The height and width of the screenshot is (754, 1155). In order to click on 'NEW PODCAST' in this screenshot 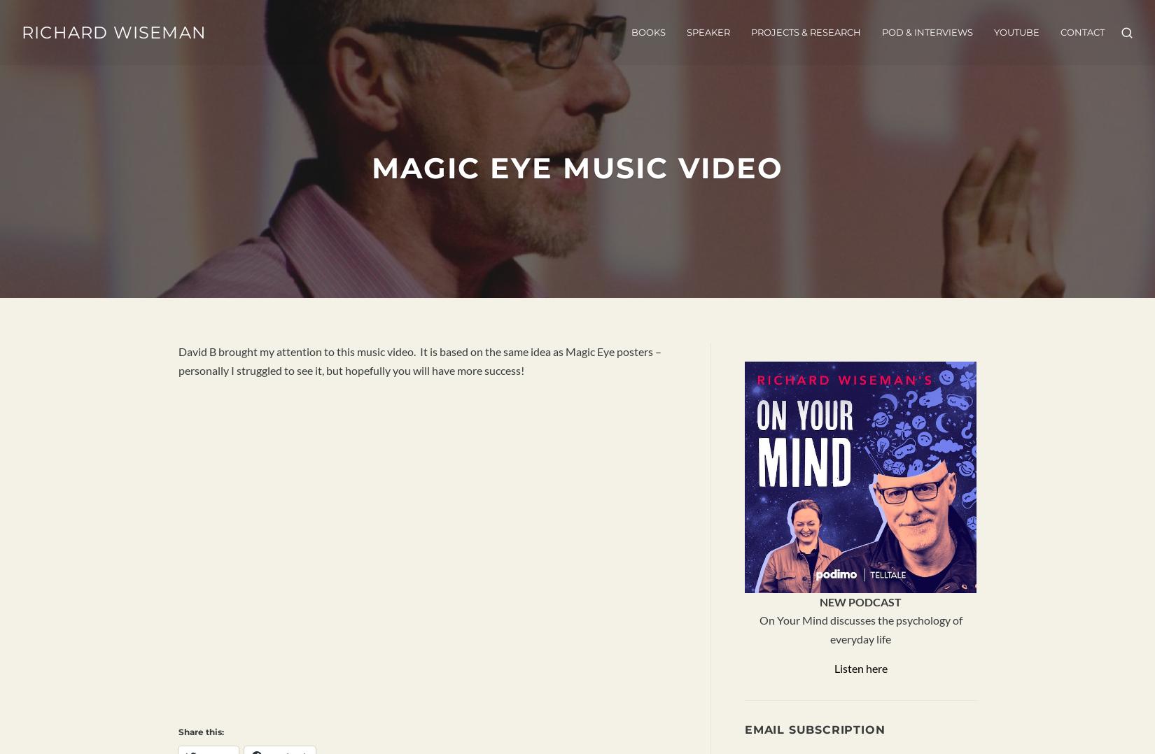, I will do `click(860, 600)`.